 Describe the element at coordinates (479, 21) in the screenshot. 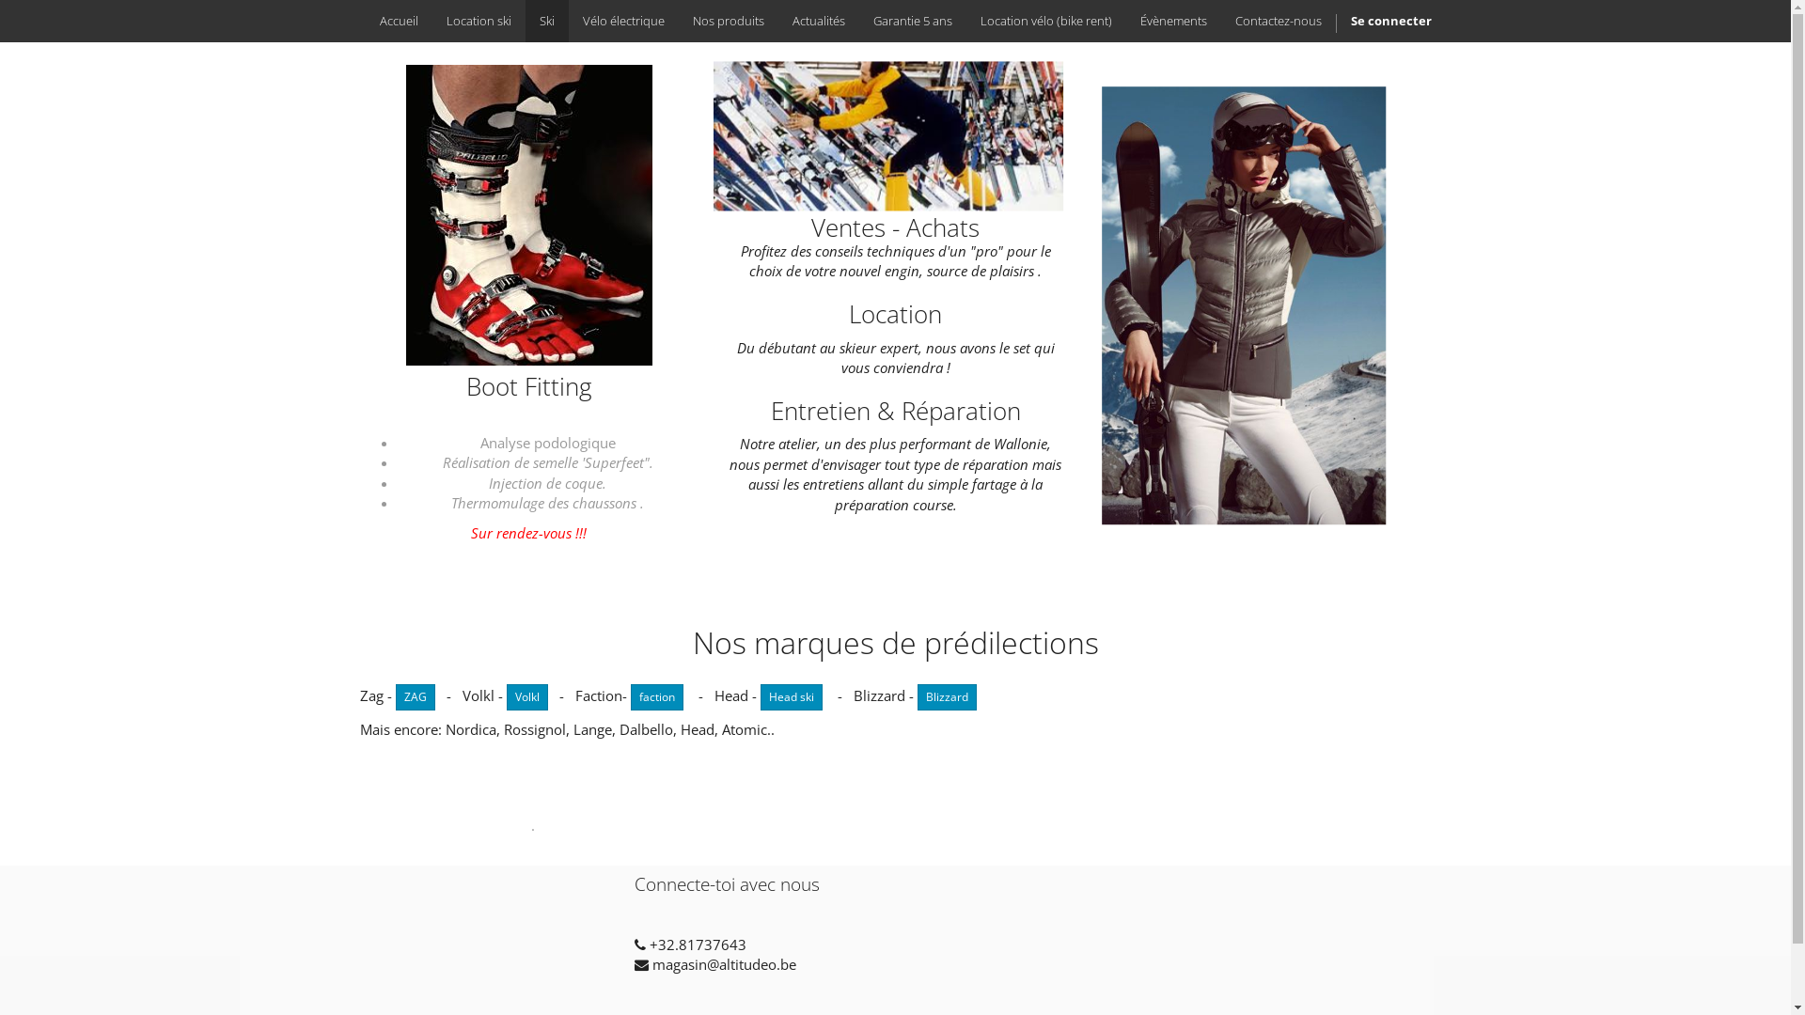

I see `'Location ski'` at that location.